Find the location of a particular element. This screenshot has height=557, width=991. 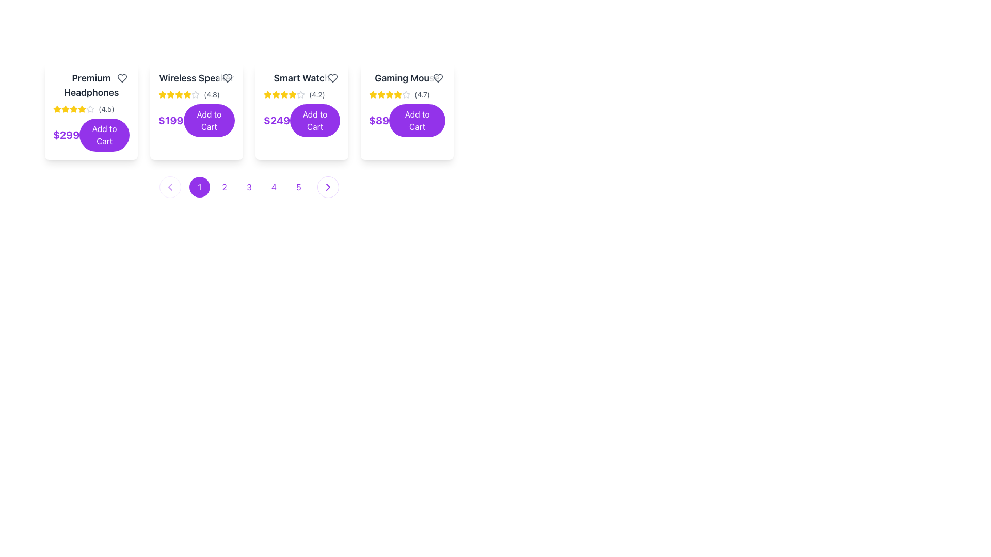

the Rating display element for the Smart Watch, specifically targeting the stars and the numerical rating '(4.2)' is located at coordinates (301, 95).